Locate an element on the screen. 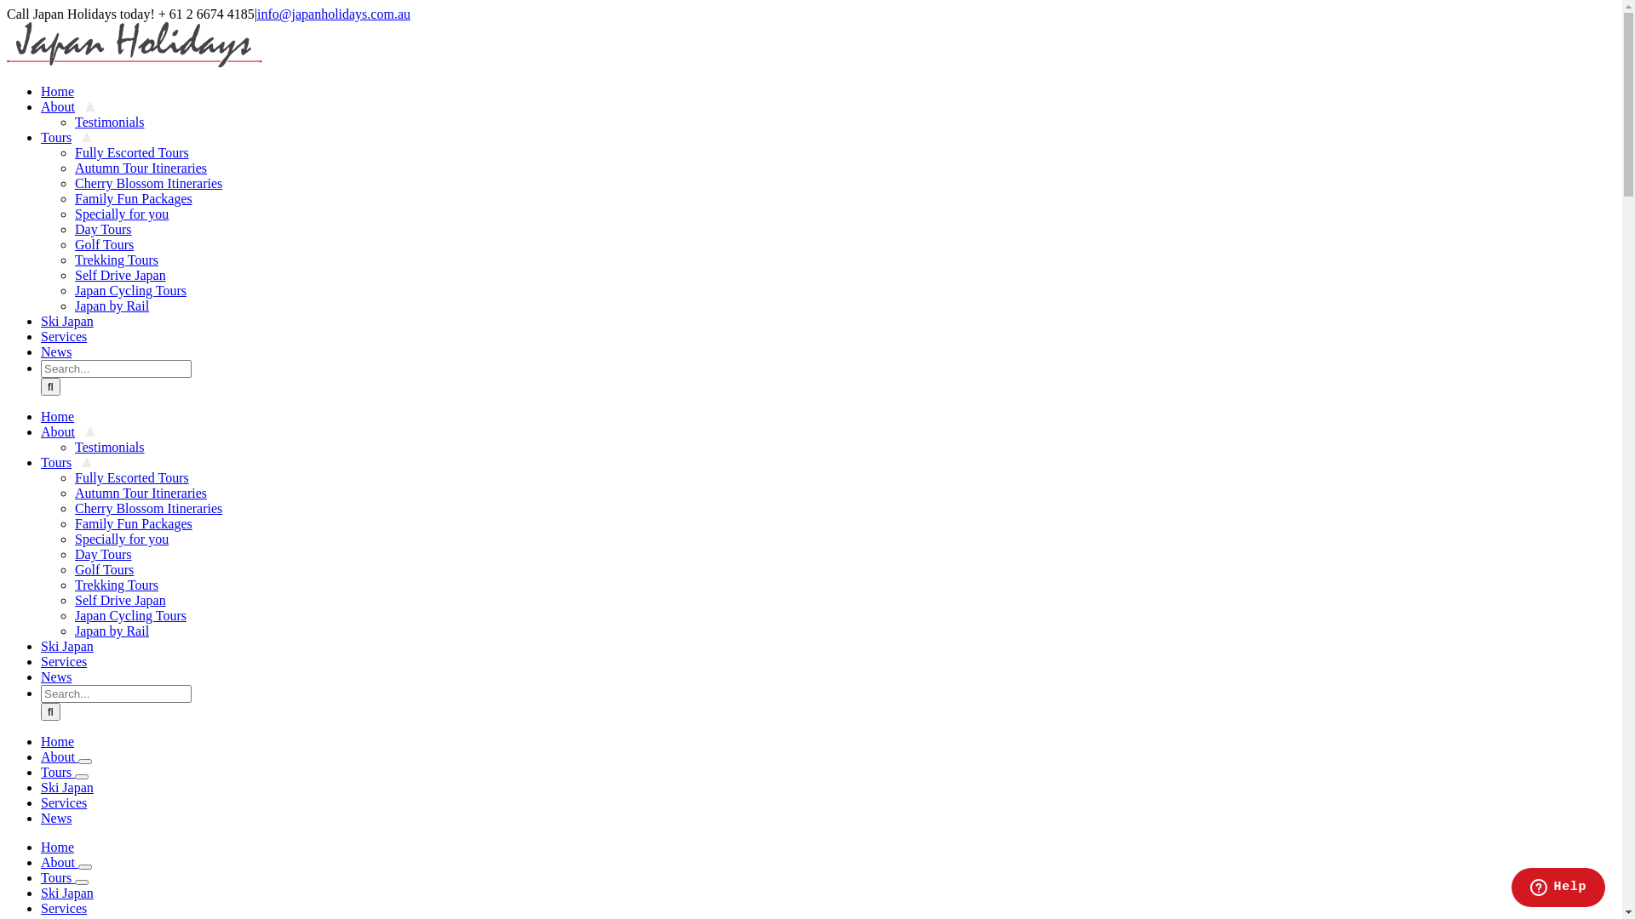 The height and width of the screenshot is (919, 1635). 'News' is located at coordinates (41, 351).